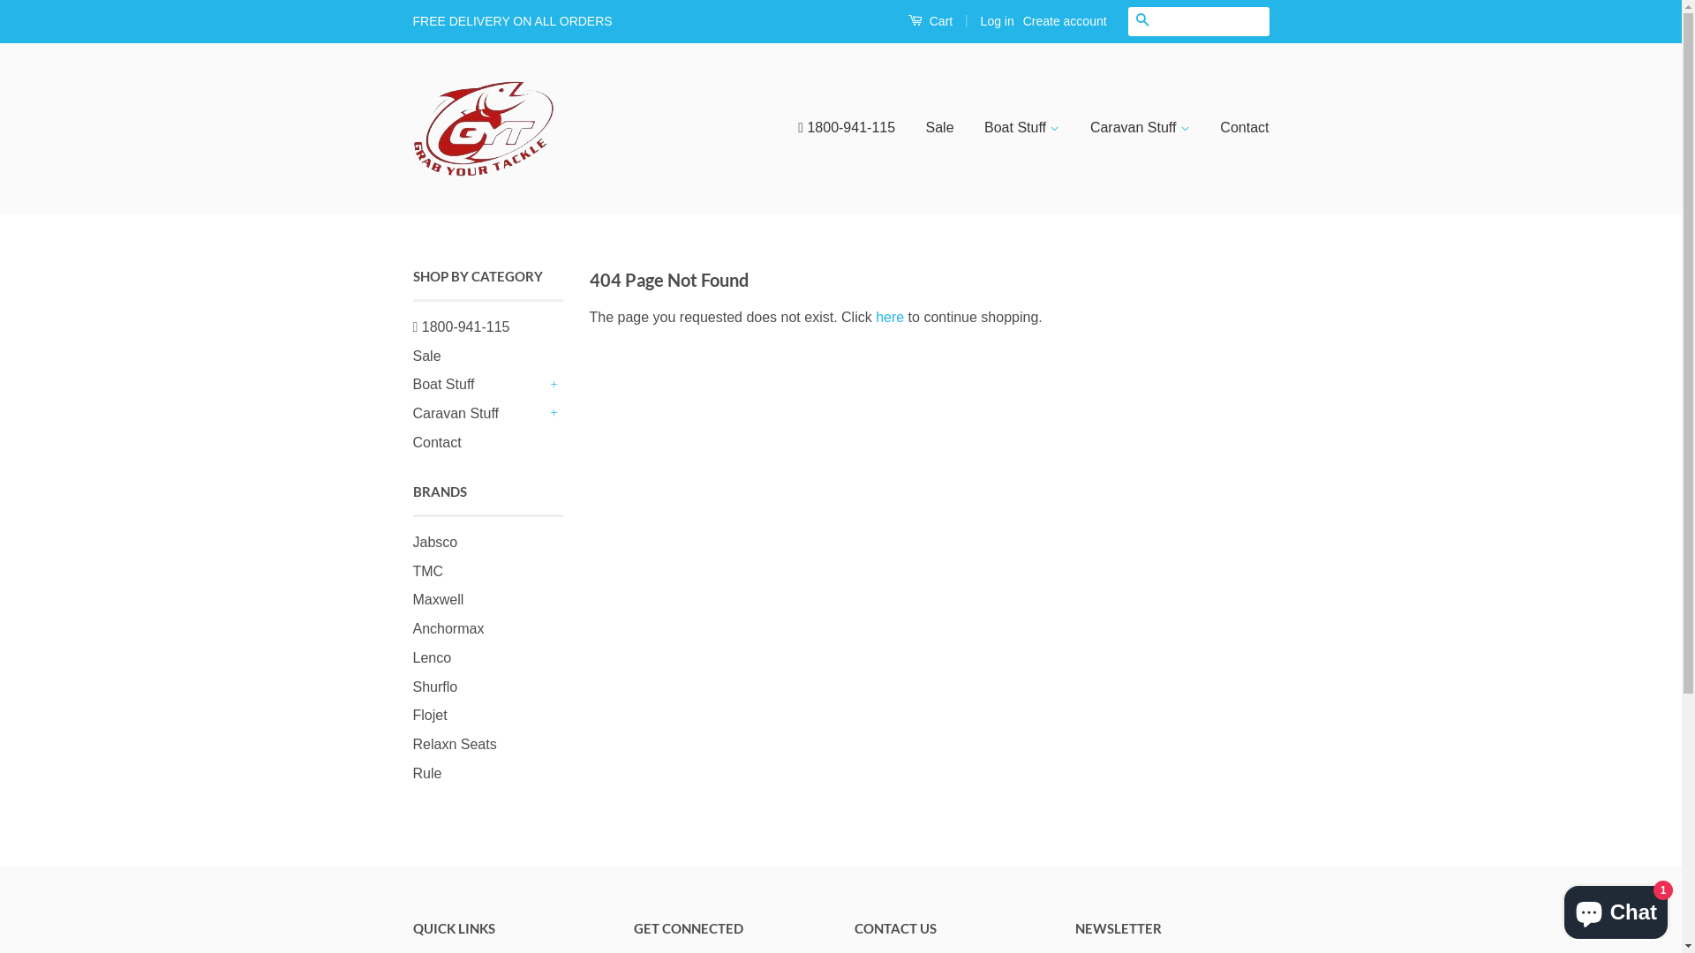  Describe the element at coordinates (890, 316) in the screenshot. I see `'here'` at that location.